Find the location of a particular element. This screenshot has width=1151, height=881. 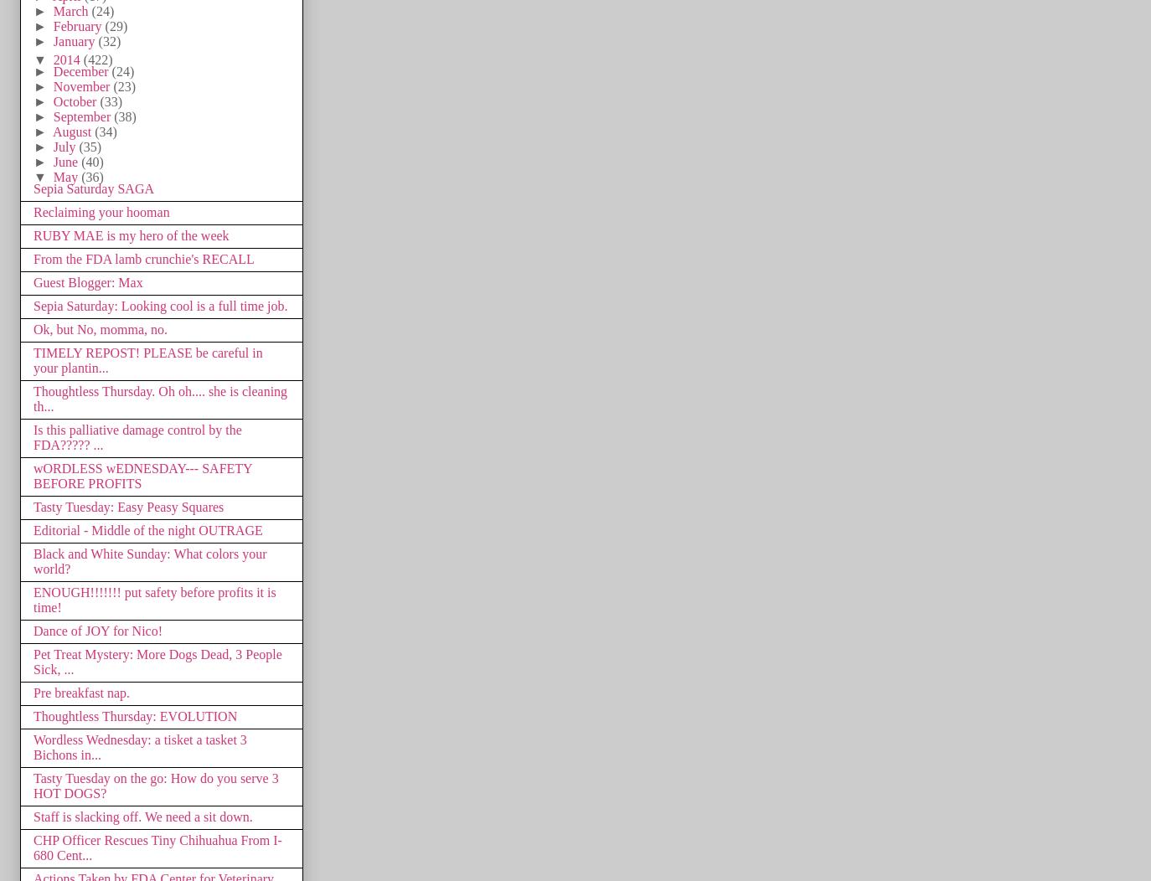

'(32)' is located at coordinates (108, 39).